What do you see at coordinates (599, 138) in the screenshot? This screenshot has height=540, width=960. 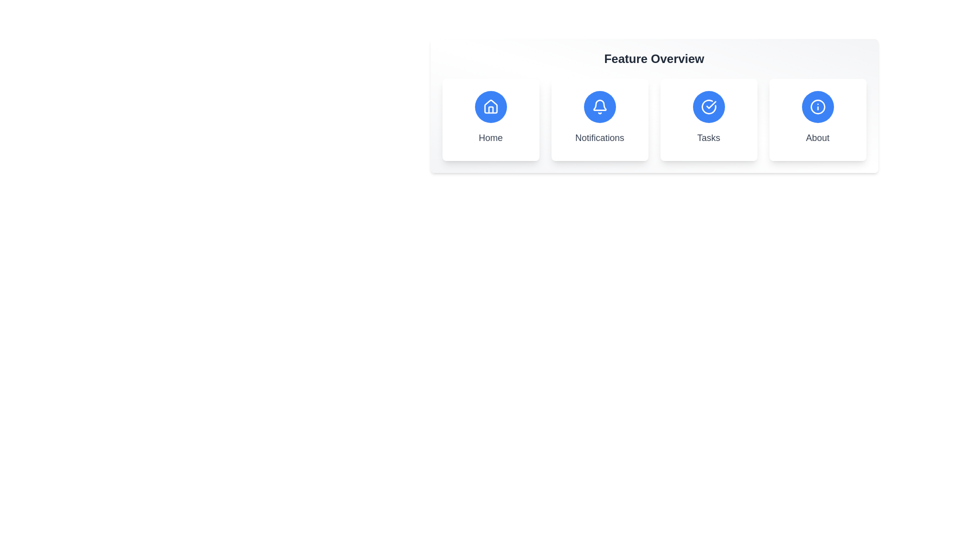 I see `text label associated with the bell icon located beneath it in the second feature card` at bounding box center [599, 138].